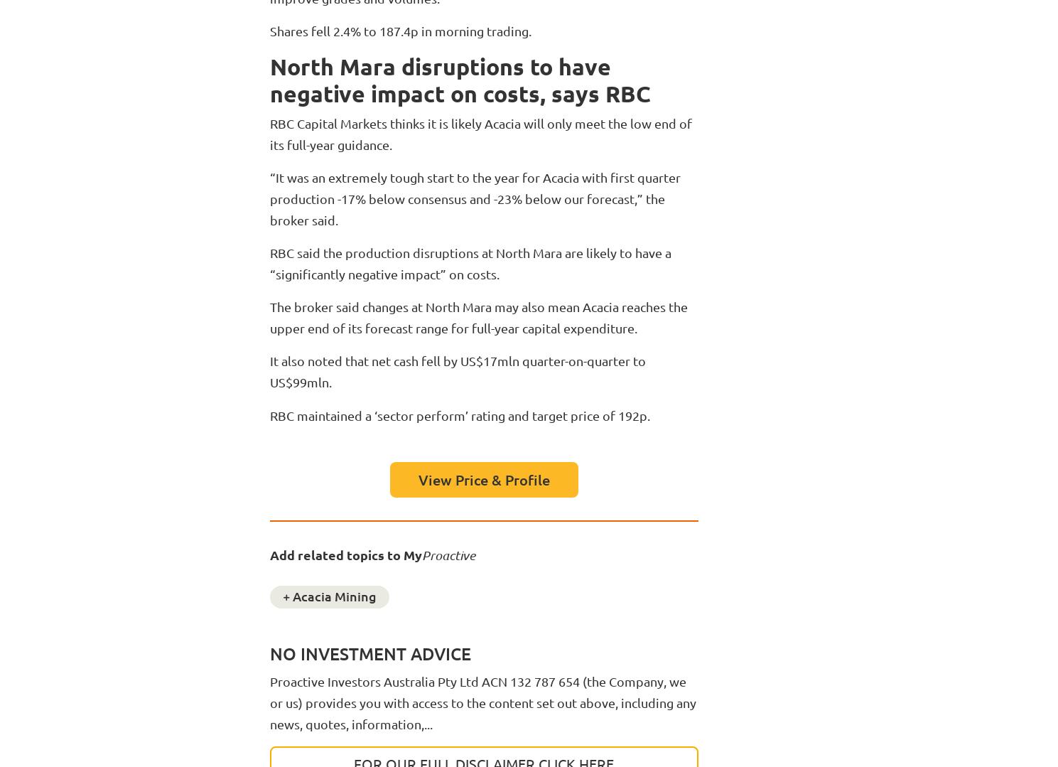 The height and width of the screenshot is (767, 1058). I want to click on 'Proactive', so click(421, 554).